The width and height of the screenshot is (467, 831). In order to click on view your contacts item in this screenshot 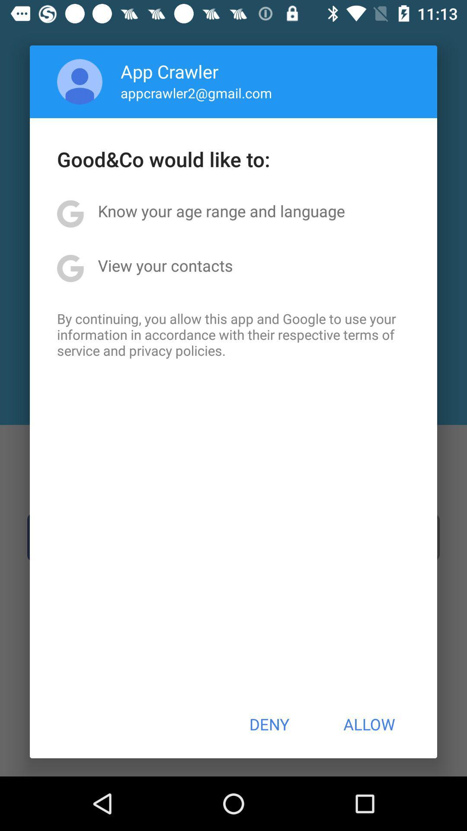, I will do `click(165, 265)`.